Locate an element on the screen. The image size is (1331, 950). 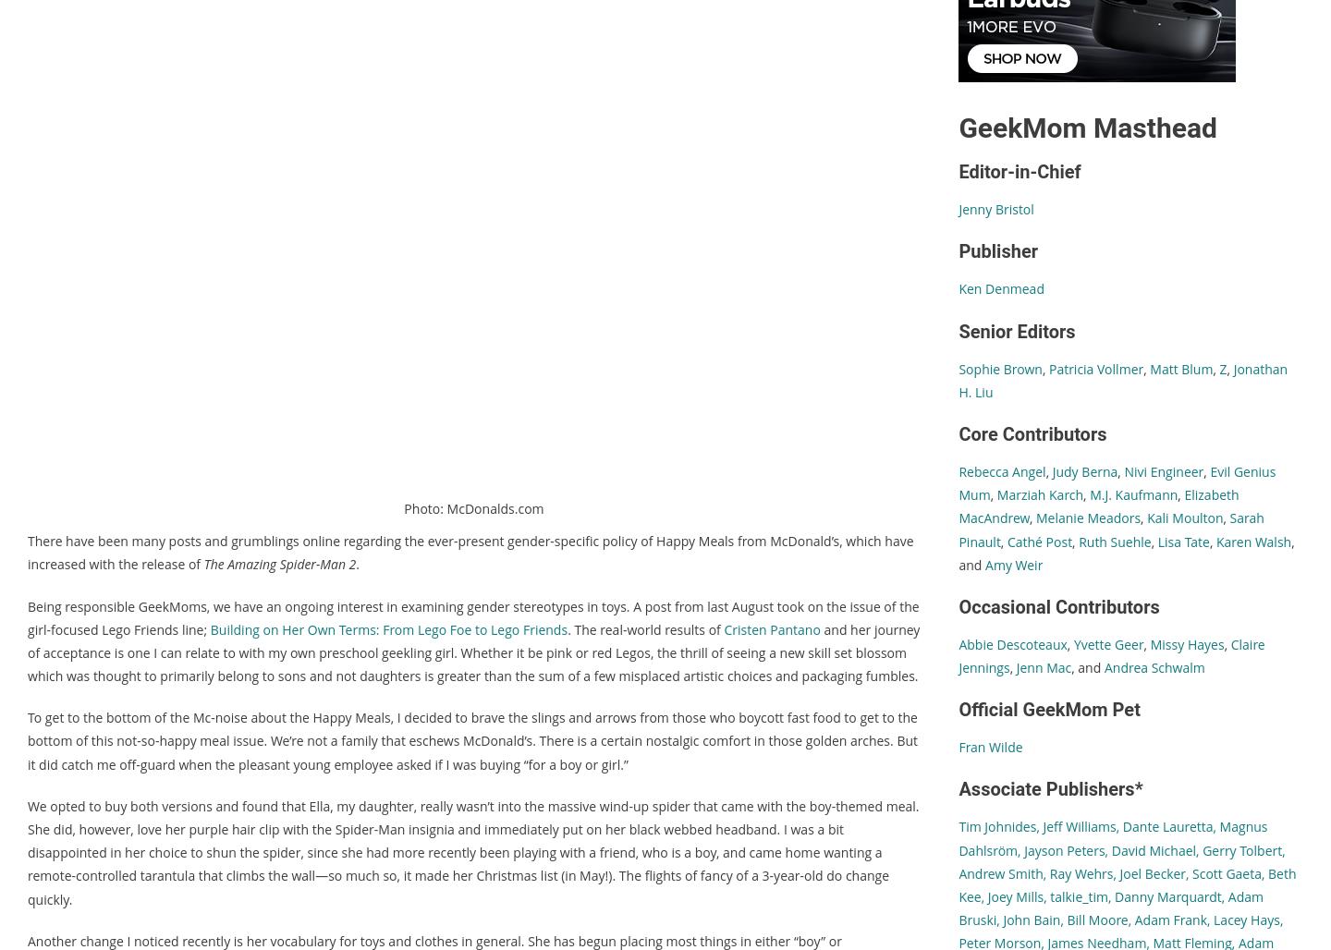
'and her journey of acceptance is one I can relate to with my own preschool geekling girl. Whether it be pink or red Legos, the thrill of seeing a new skill set blossom which was thought to primarily belong to sons and not daughters is greater than the sum of a few misplaced artistic choices and packaging fumbles.' is located at coordinates (472, 652).